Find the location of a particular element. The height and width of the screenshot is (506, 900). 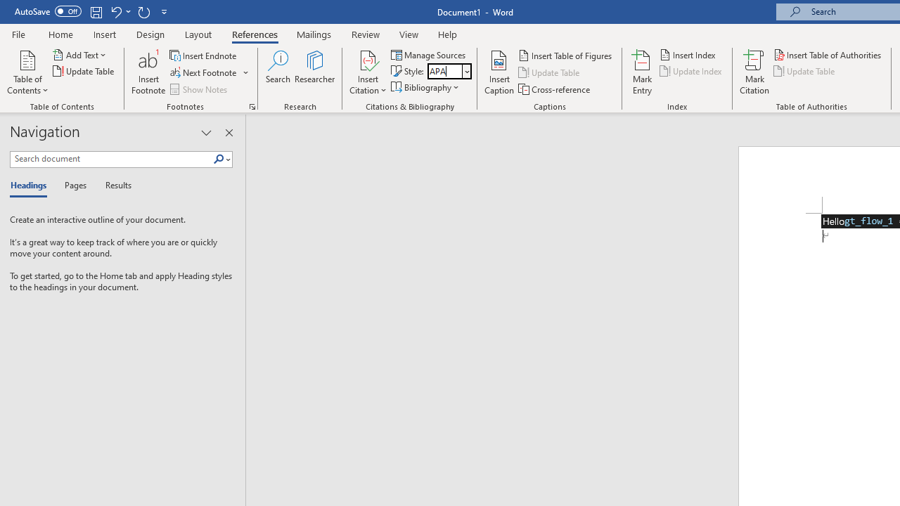

'Repeat Underline Style' is located at coordinates (143, 11).